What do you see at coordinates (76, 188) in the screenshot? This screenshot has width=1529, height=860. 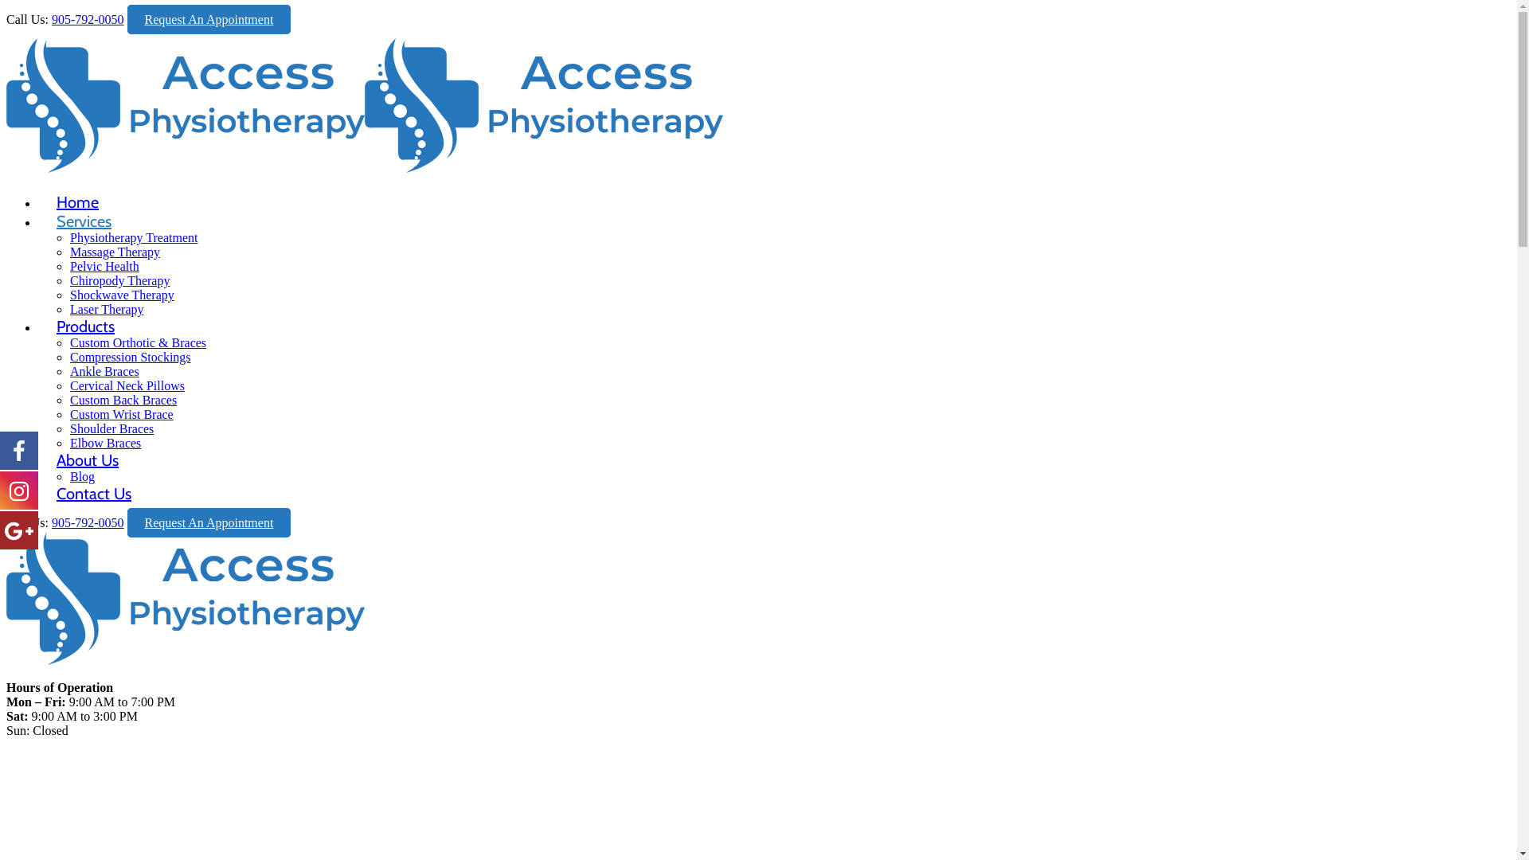 I see `'Home'` at bounding box center [76, 188].